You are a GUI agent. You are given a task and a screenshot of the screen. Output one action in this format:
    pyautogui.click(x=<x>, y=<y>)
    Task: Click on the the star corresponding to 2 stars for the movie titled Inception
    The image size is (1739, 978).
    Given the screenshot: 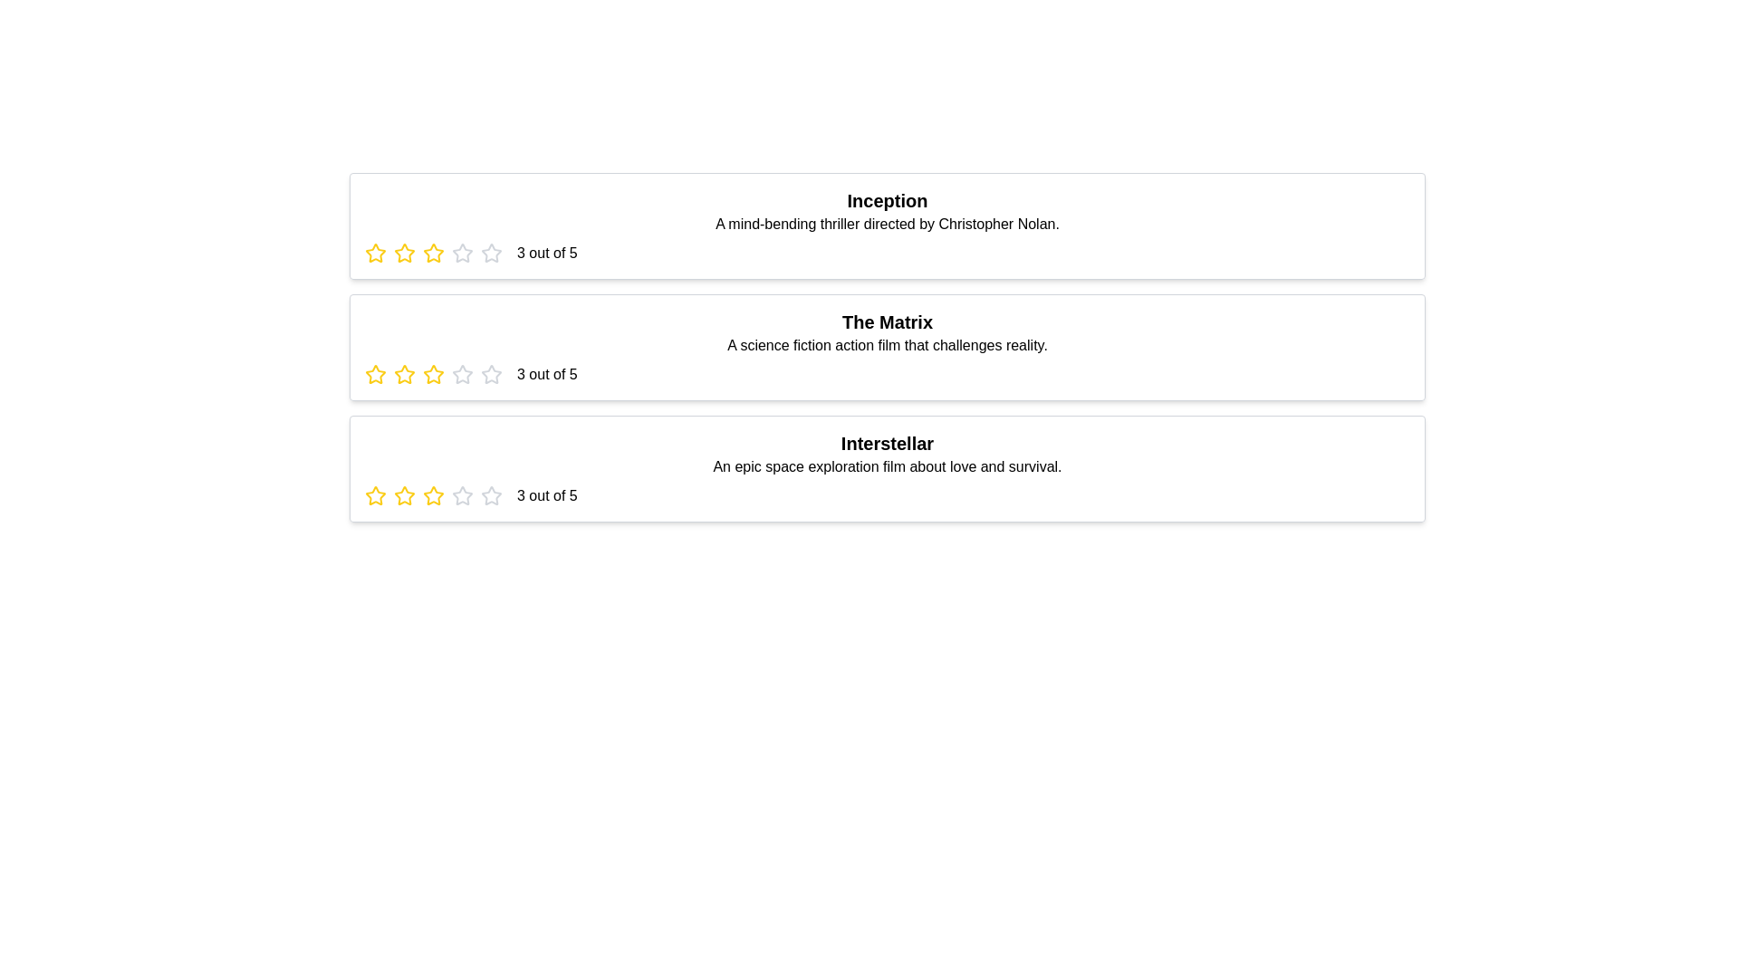 What is the action you would take?
    pyautogui.click(x=403, y=254)
    